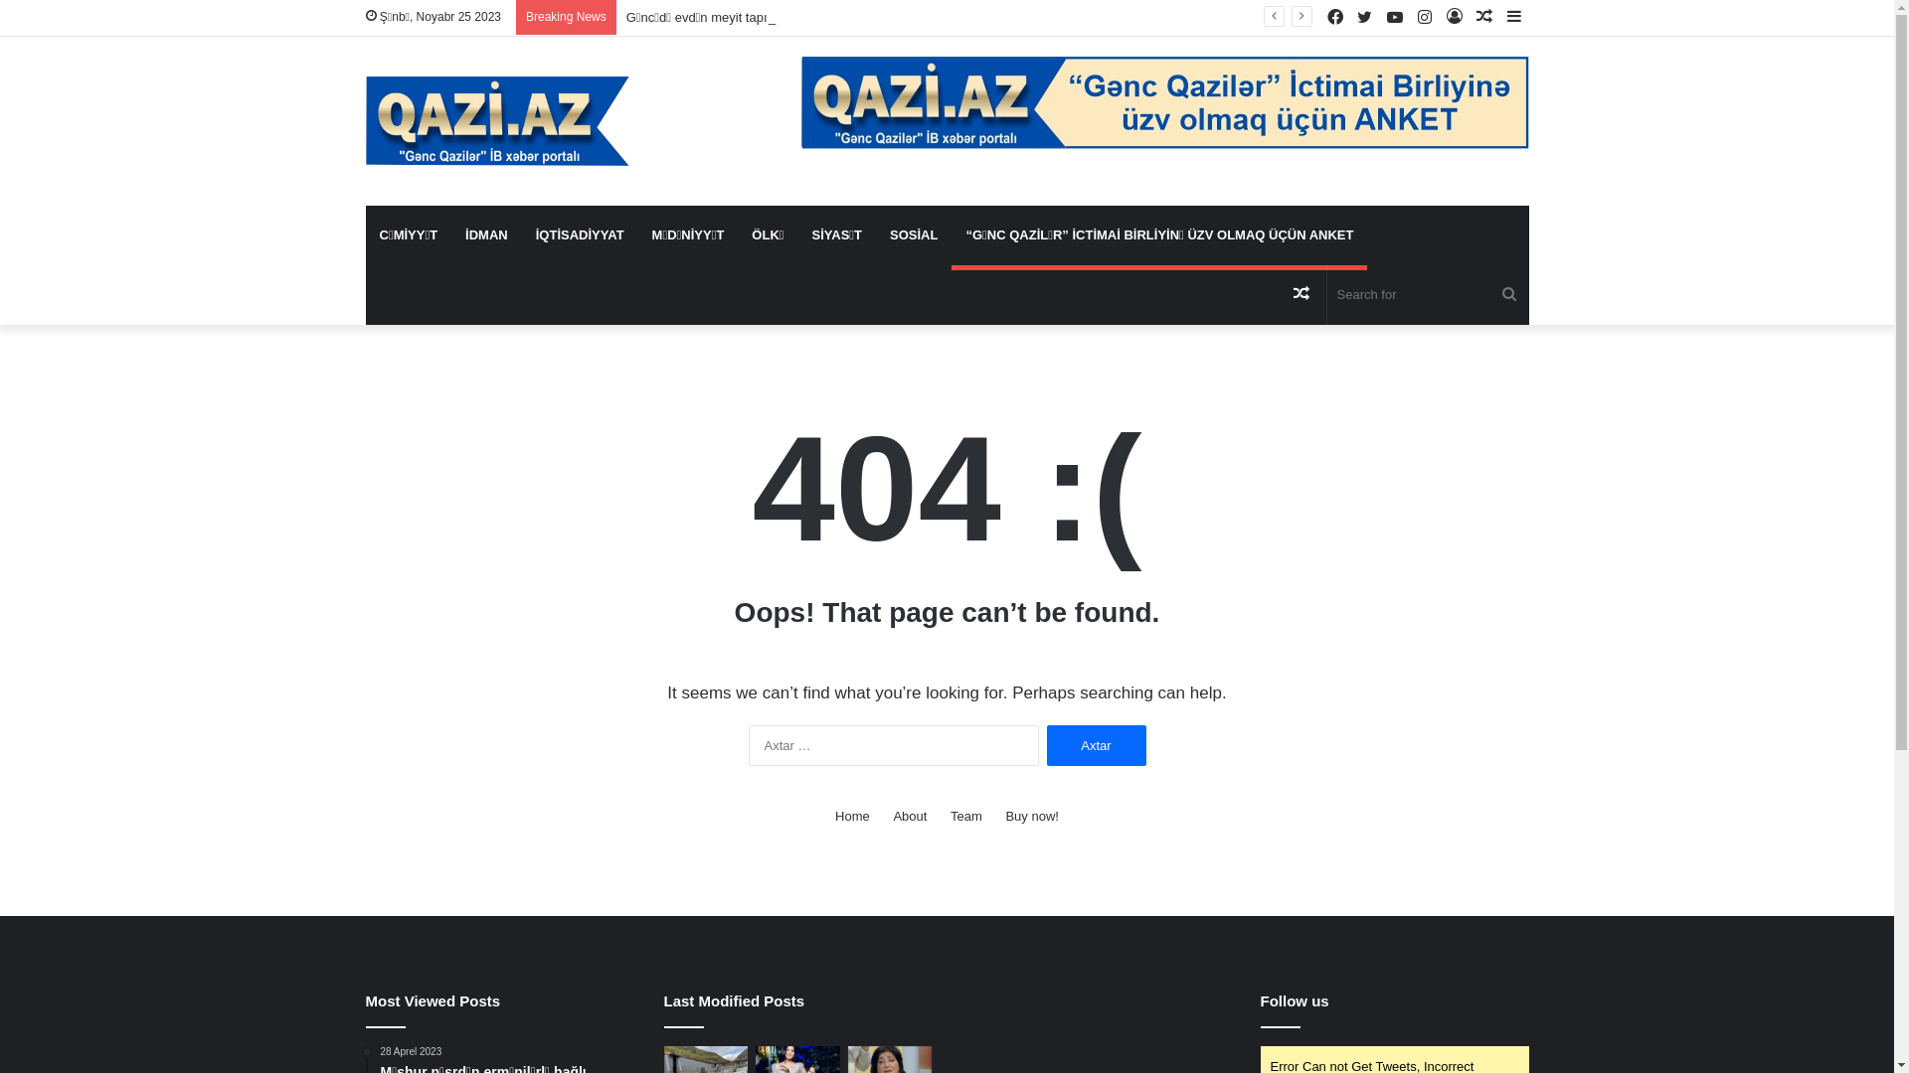 The image size is (1909, 1073). What do you see at coordinates (1363, 18) in the screenshot?
I see `'Twitter'` at bounding box center [1363, 18].